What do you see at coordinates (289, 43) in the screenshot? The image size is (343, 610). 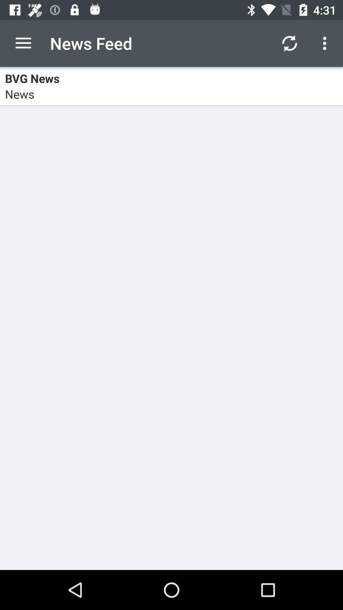 I see `item above the bvg news app` at bounding box center [289, 43].